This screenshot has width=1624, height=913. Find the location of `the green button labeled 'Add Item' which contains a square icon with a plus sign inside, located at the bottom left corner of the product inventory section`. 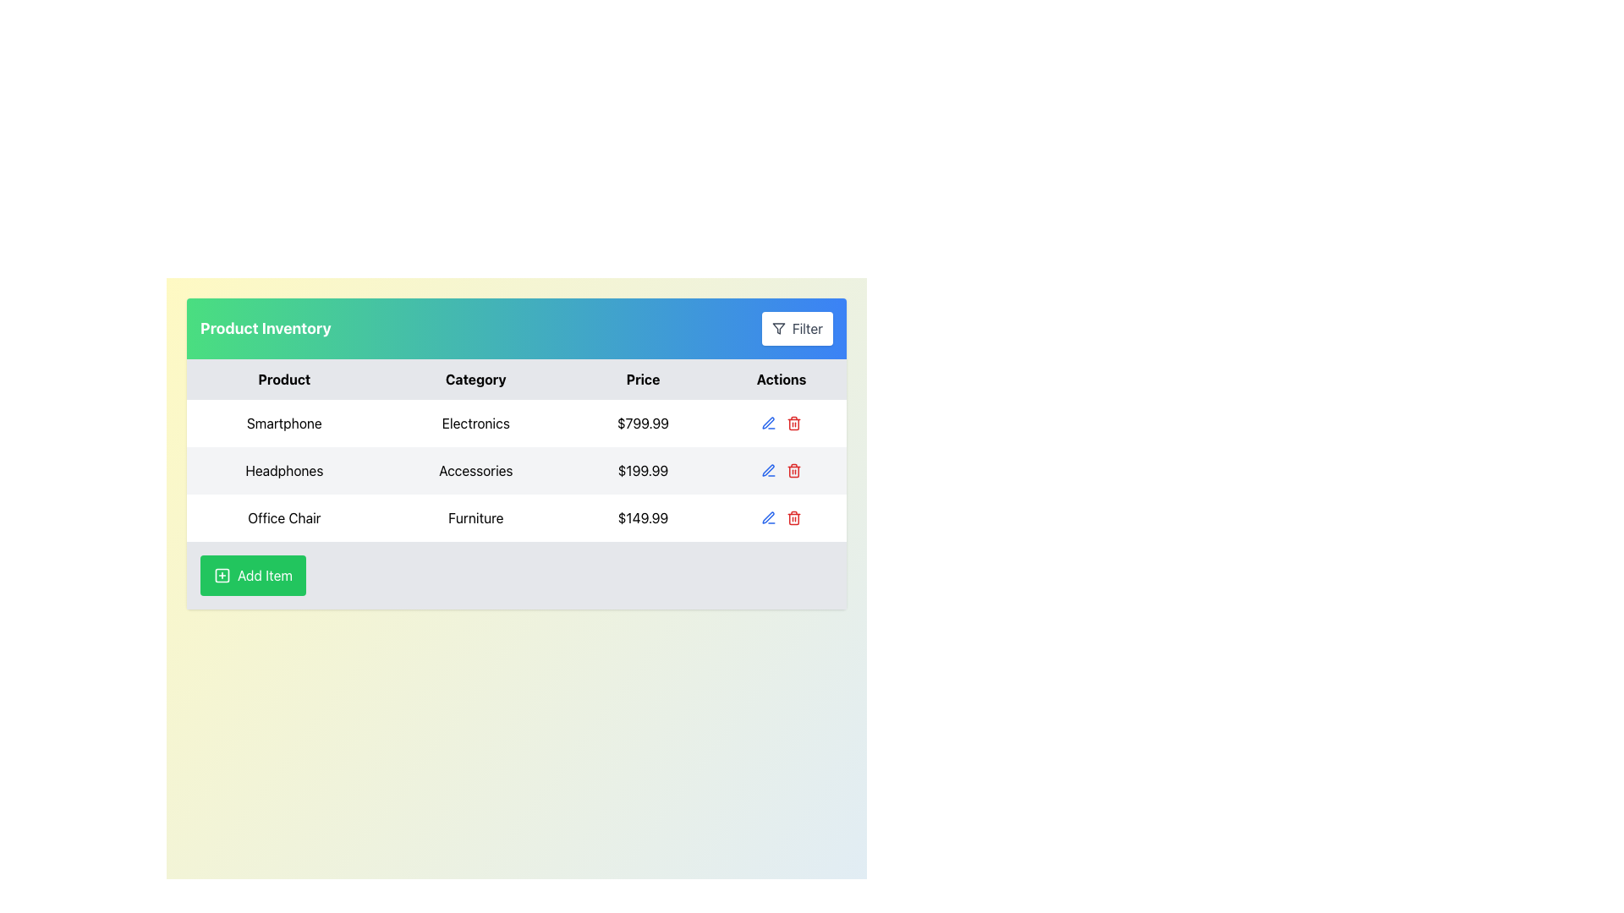

the green button labeled 'Add Item' which contains a square icon with a plus sign inside, located at the bottom left corner of the product inventory section is located at coordinates (222, 575).